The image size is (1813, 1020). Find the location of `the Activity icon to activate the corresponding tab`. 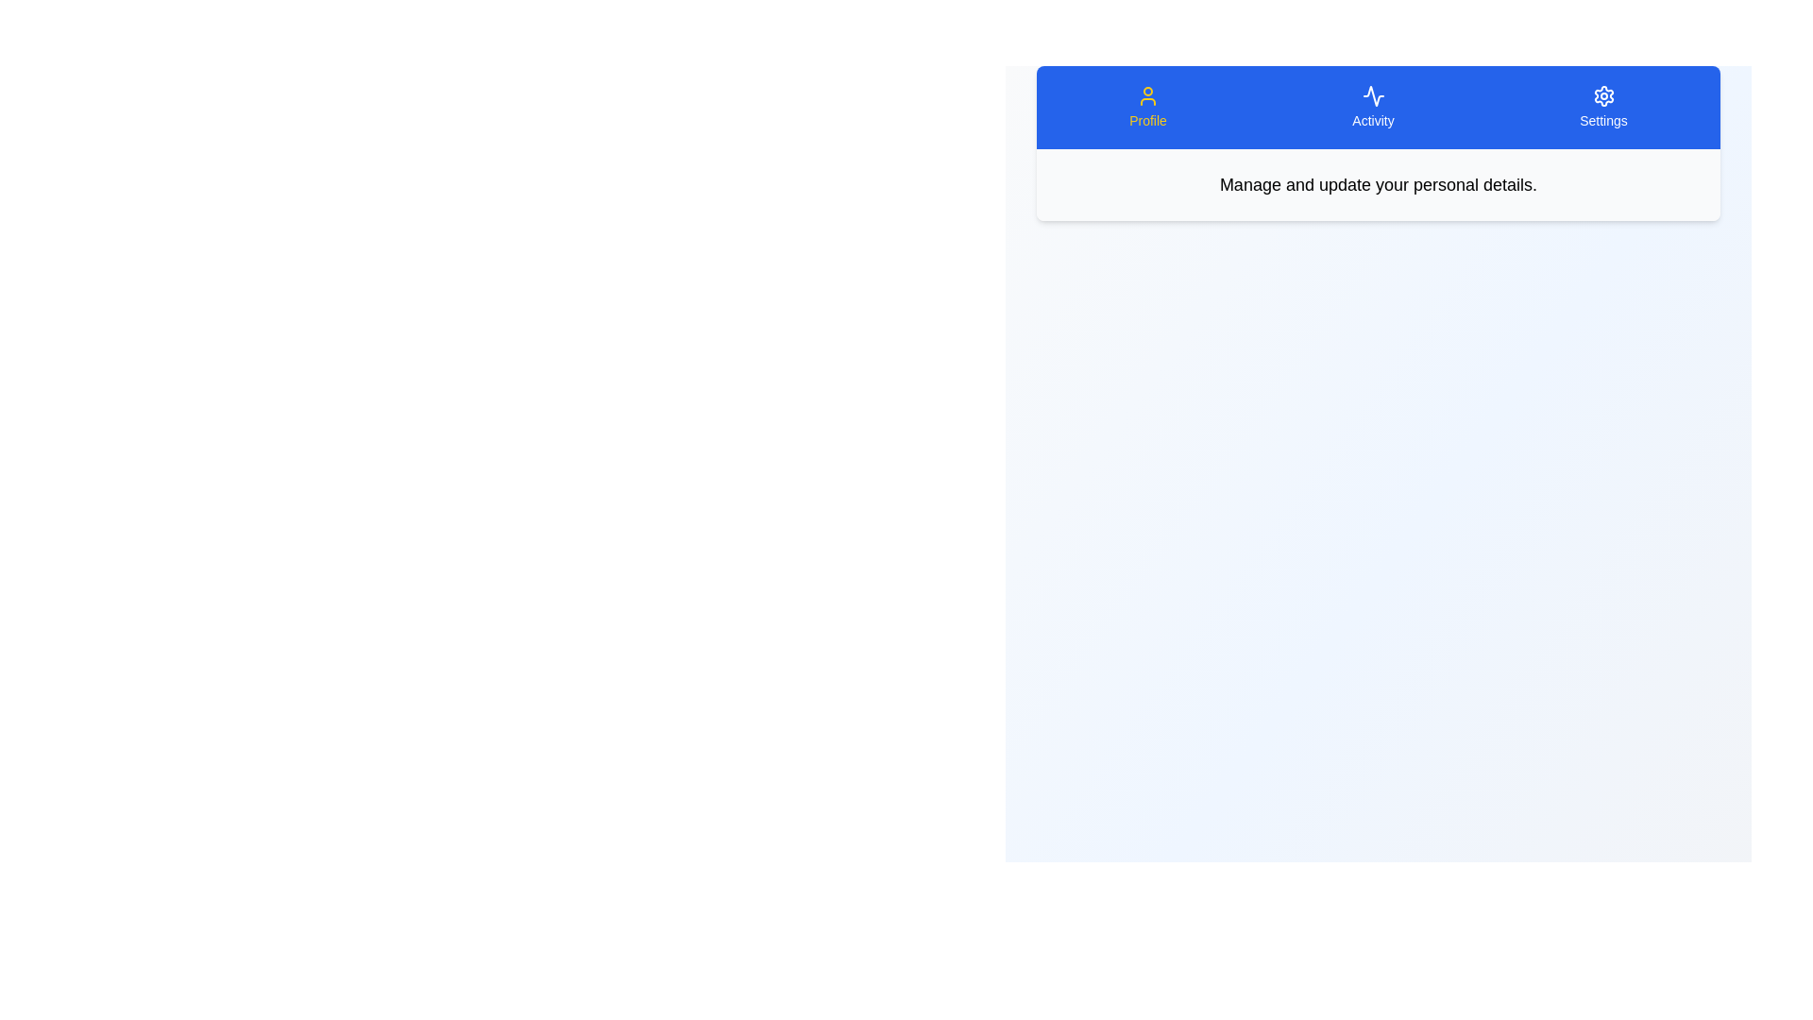

the Activity icon to activate the corresponding tab is located at coordinates (1373, 108).